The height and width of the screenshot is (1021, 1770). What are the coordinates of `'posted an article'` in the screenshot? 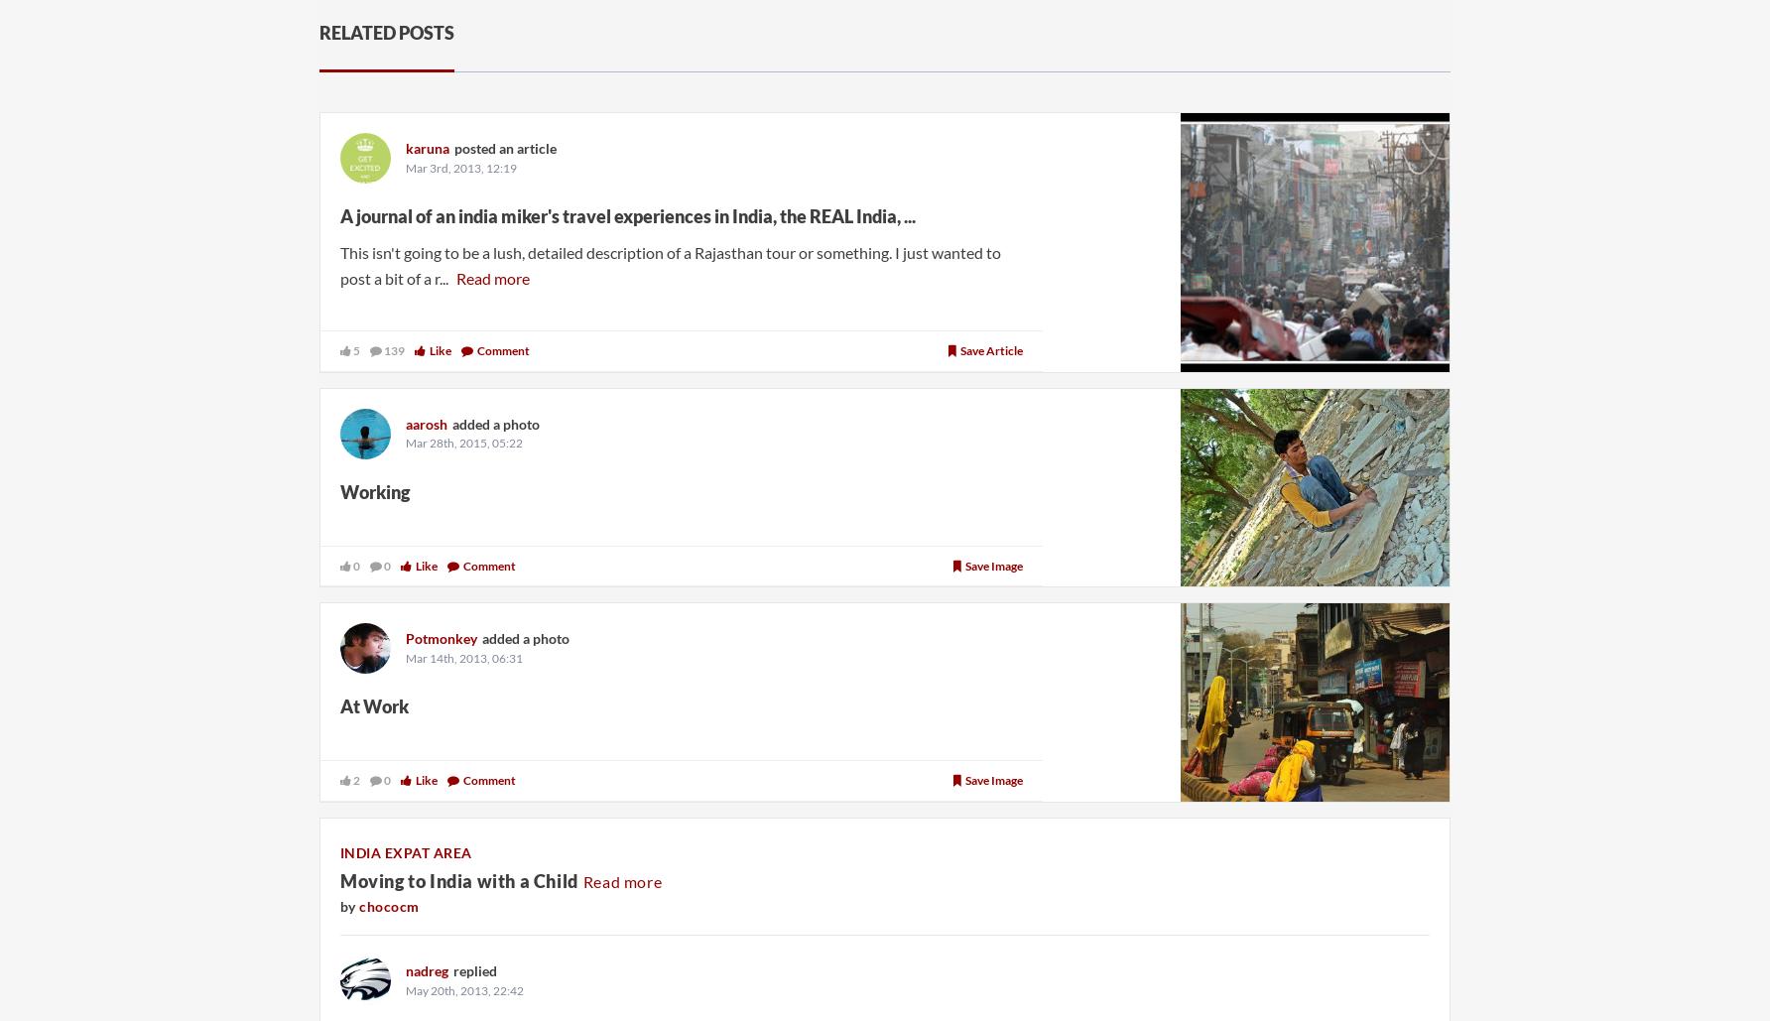 It's located at (453, 147).